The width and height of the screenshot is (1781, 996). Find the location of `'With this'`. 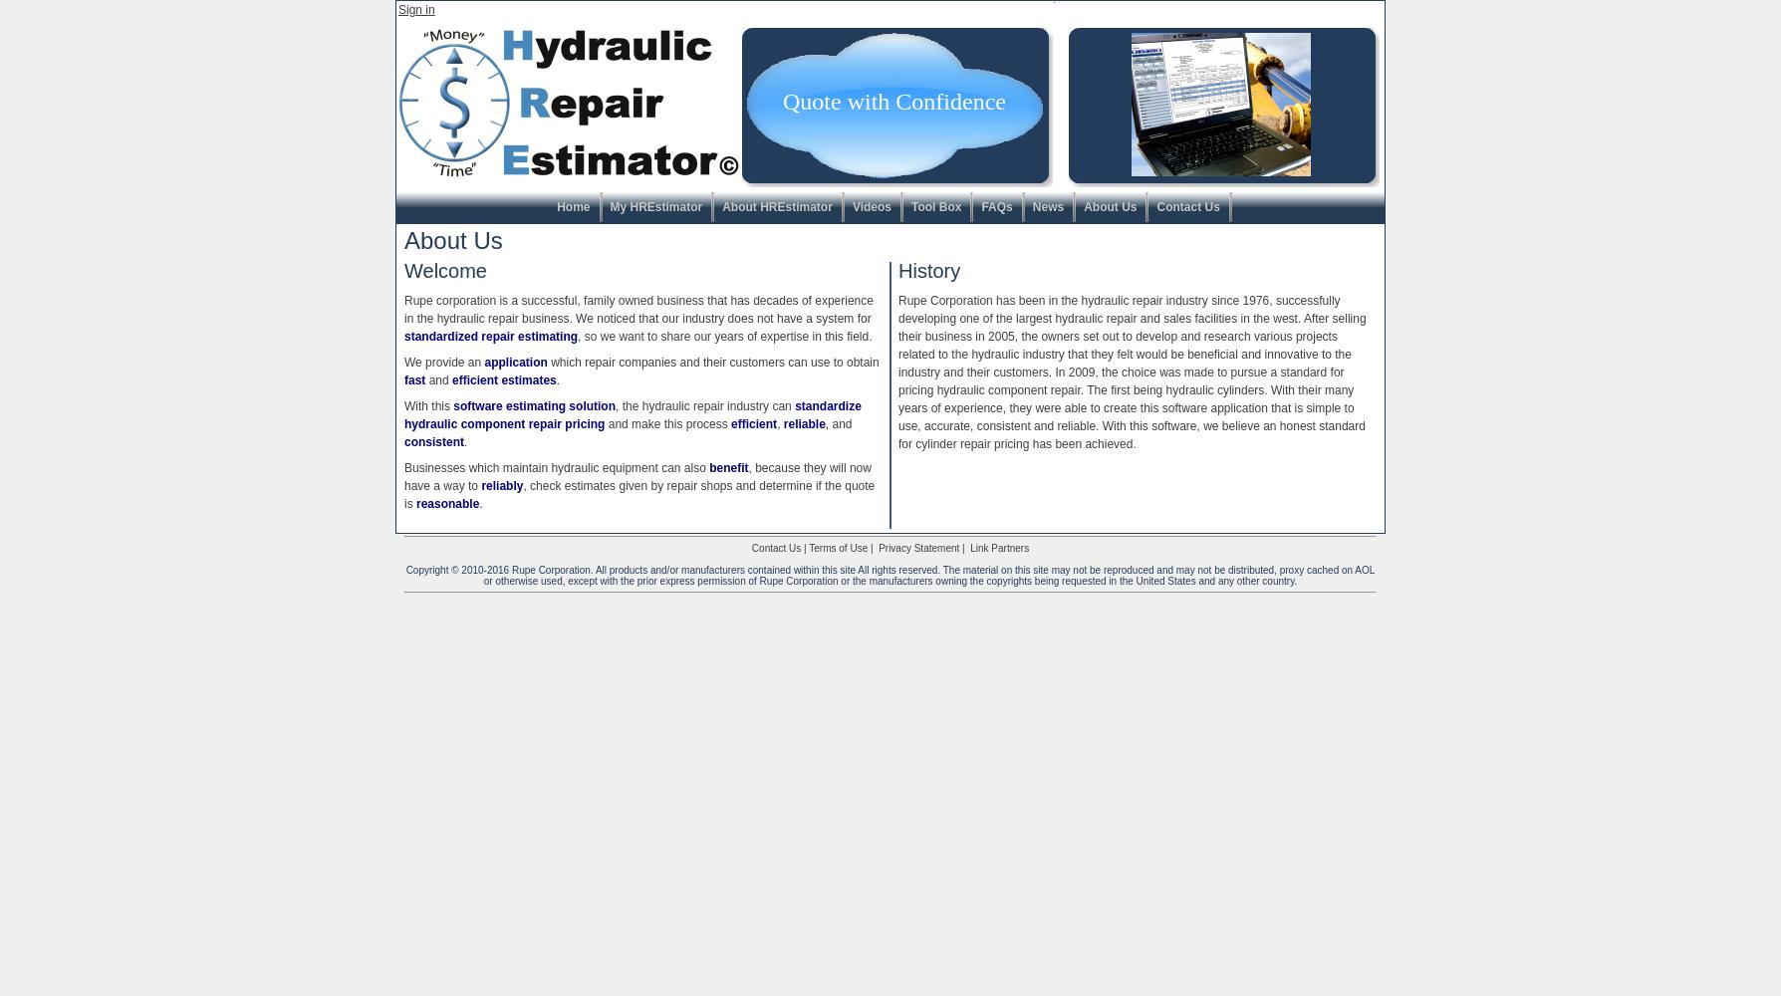

'With this' is located at coordinates (427, 406).